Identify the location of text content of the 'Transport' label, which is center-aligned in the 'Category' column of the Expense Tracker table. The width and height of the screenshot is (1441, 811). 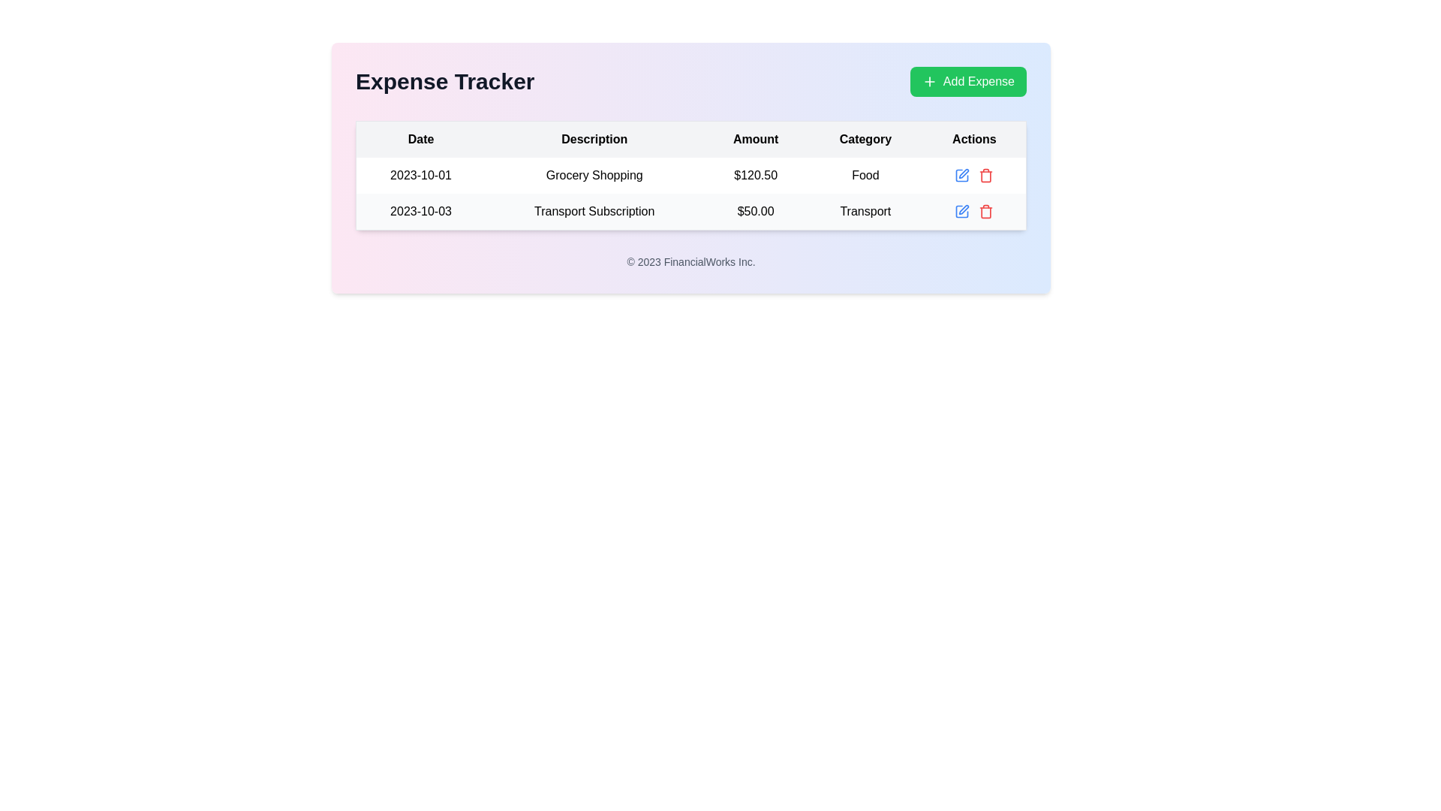
(865, 212).